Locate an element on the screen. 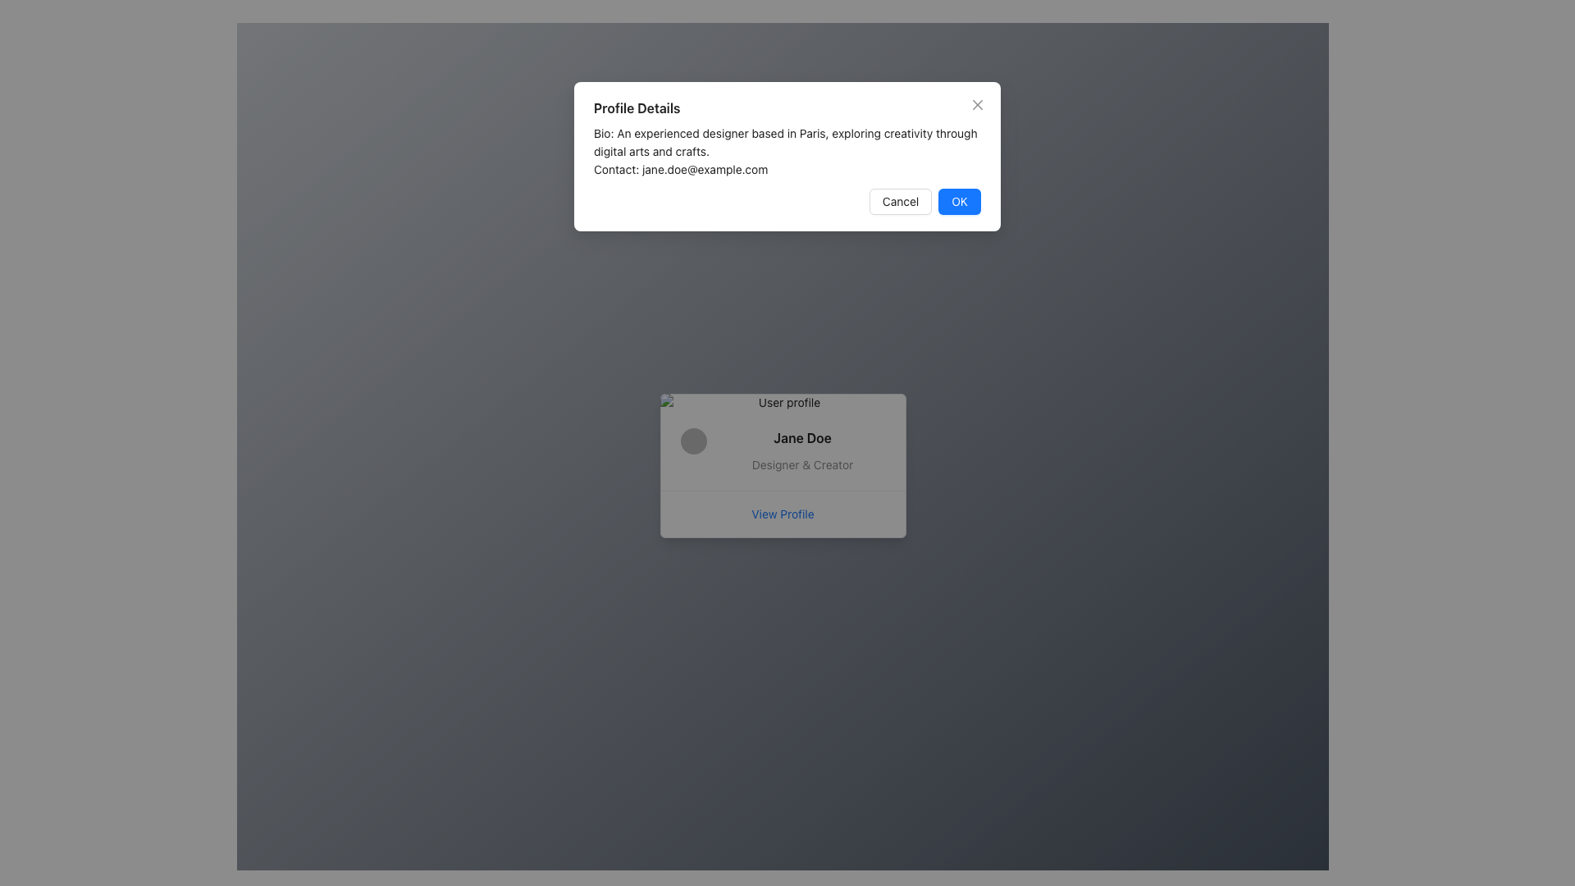 Image resolution: width=1575 pixels, height=886 pixels. the 'View Profile' link button located at the bottom center of the 'User profile' card is located at coordinates (782, 513).